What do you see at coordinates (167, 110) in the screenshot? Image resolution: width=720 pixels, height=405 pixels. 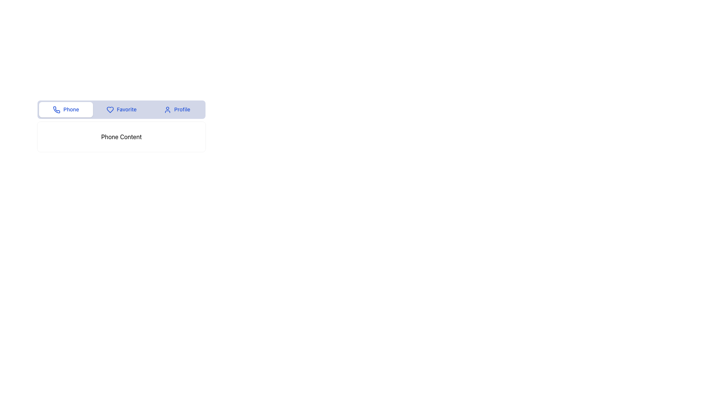 I see `the user icon in the Profile tab of the navigation bar, which is a minimalistic outline style circular SVG element colored white and blue, located before the 'Profile' label` at bounding box center [167, 110].